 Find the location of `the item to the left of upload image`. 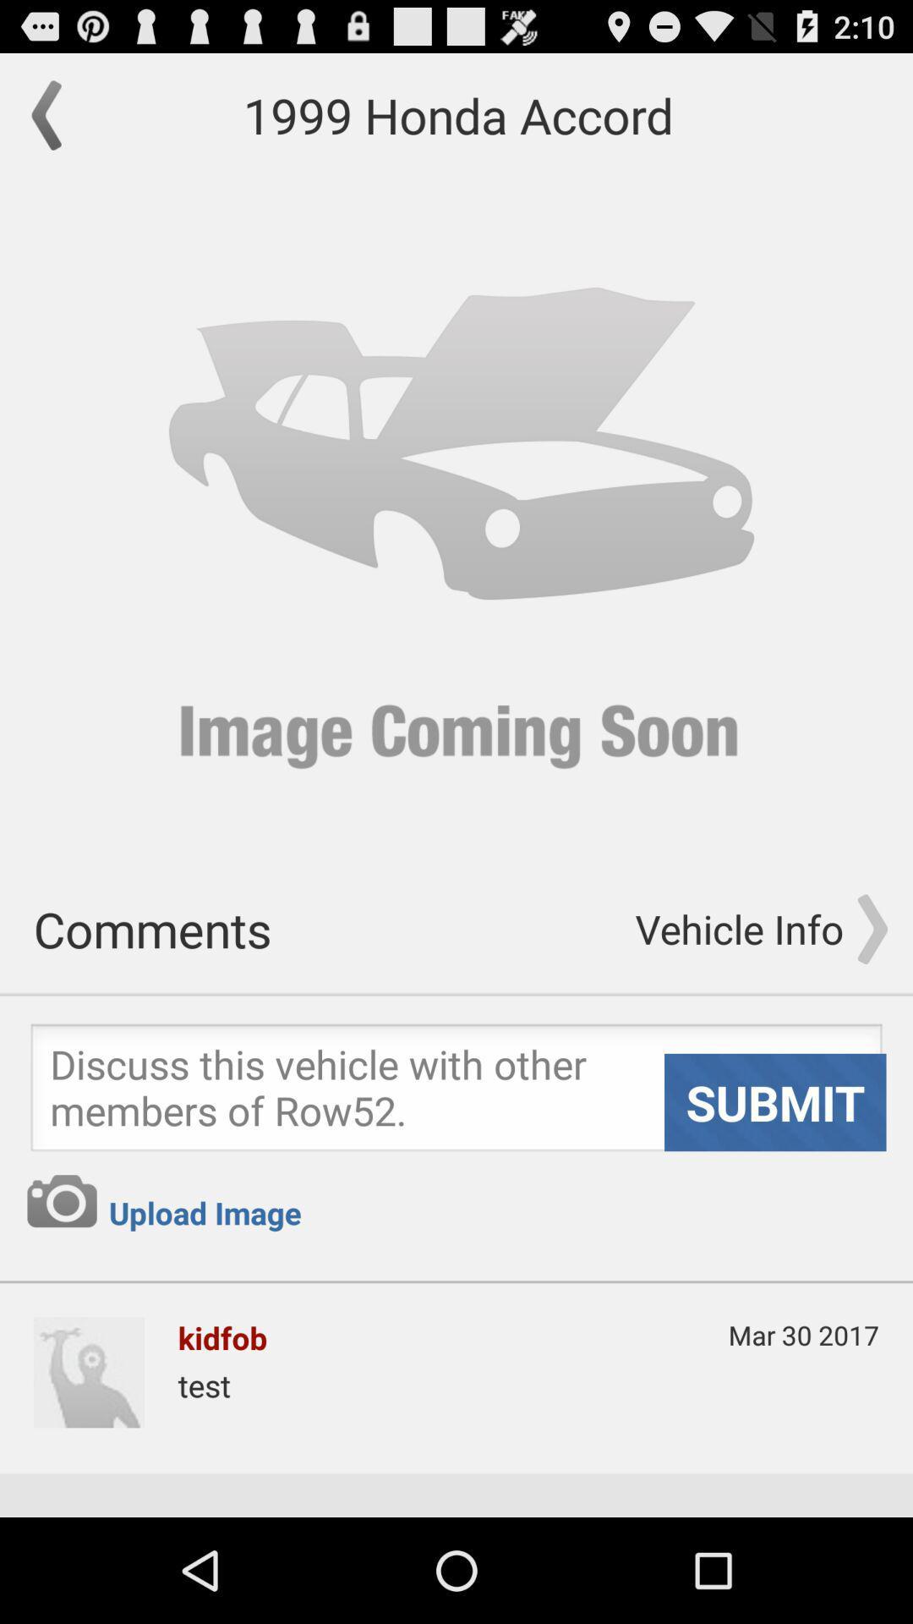

the item to the left of upload image is located at coordinates (61, 1200).